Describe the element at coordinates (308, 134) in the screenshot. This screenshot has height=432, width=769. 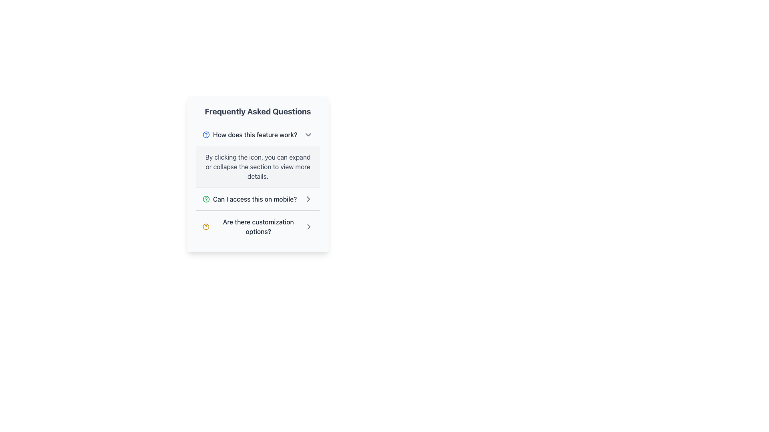
I see `the downward-facing chevron icon located at the right end of the question labeled 'How does this feature work?'` at that location.